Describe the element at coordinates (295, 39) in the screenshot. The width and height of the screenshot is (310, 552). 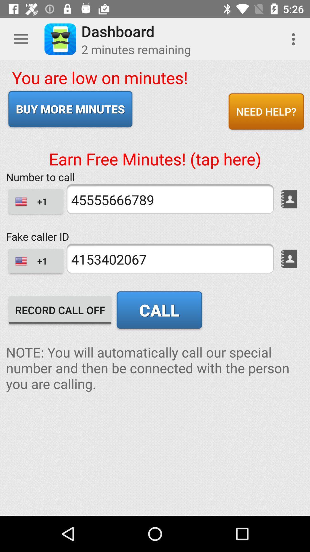
I see `item above need help? icon` at that location.